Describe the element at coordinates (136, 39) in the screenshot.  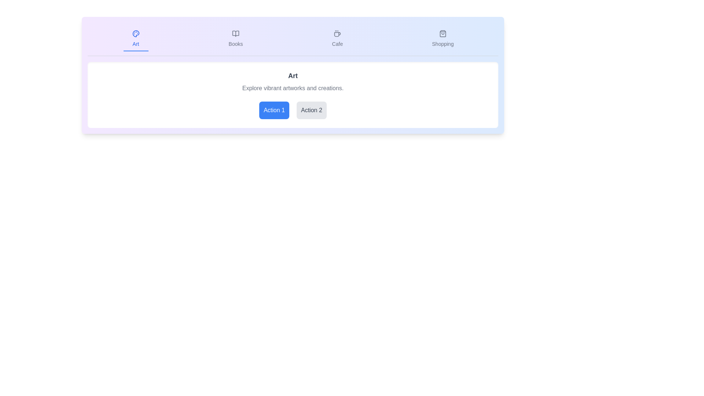
I see `the tab labeled Art` at that location.